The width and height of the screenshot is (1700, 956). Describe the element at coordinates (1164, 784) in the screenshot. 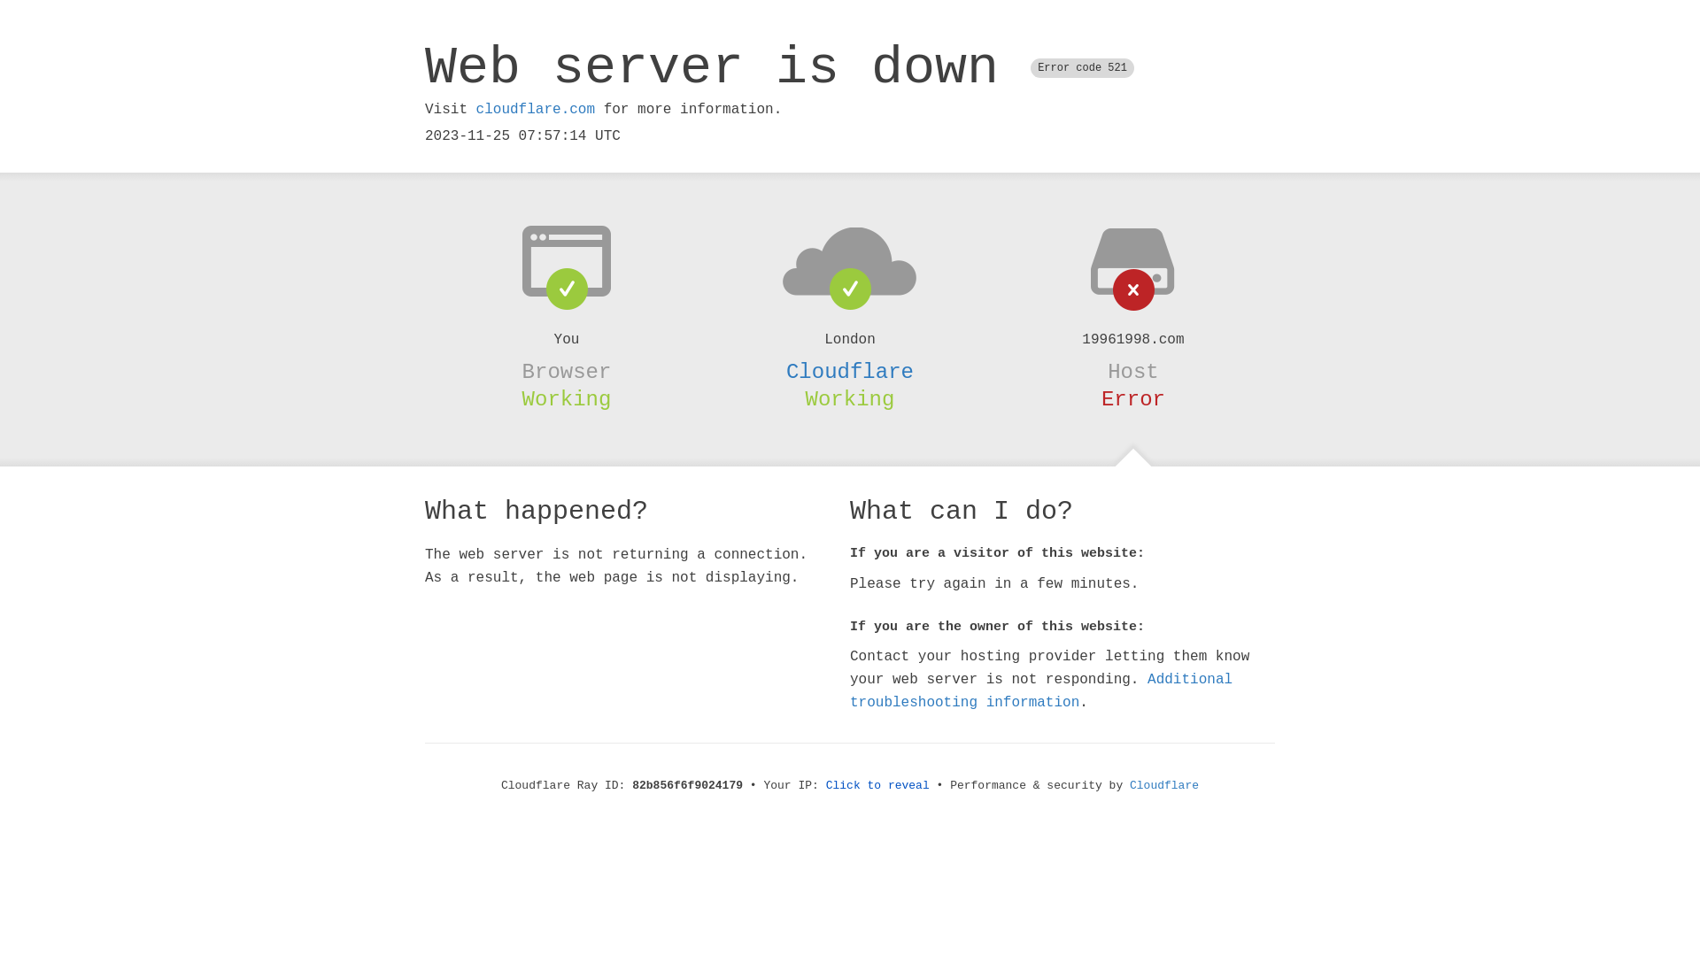

I see `'Cloudflare'` at that location.